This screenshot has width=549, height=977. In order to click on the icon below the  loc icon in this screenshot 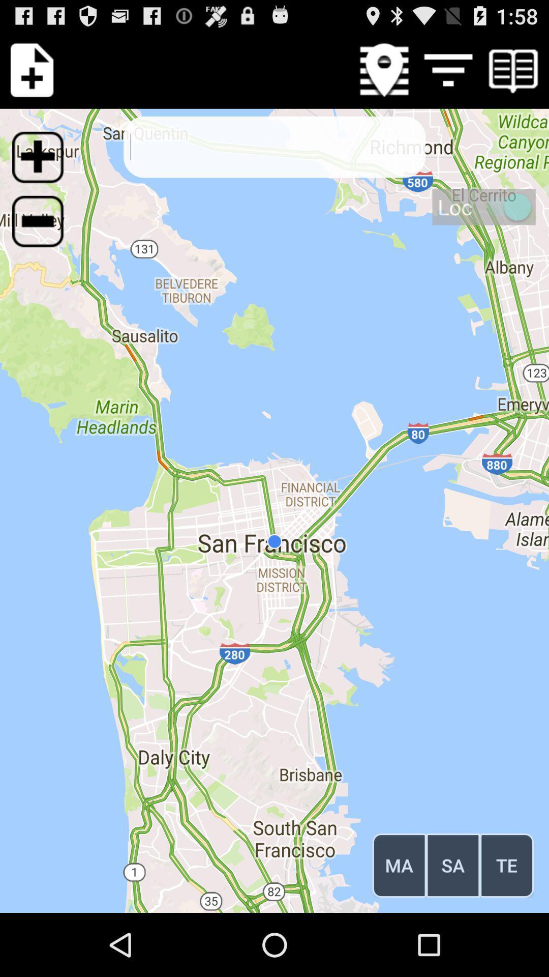, I will do `click(452, 865)`.